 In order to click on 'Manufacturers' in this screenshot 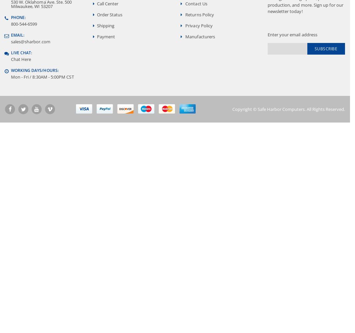, I will do `click(200, 36)`.